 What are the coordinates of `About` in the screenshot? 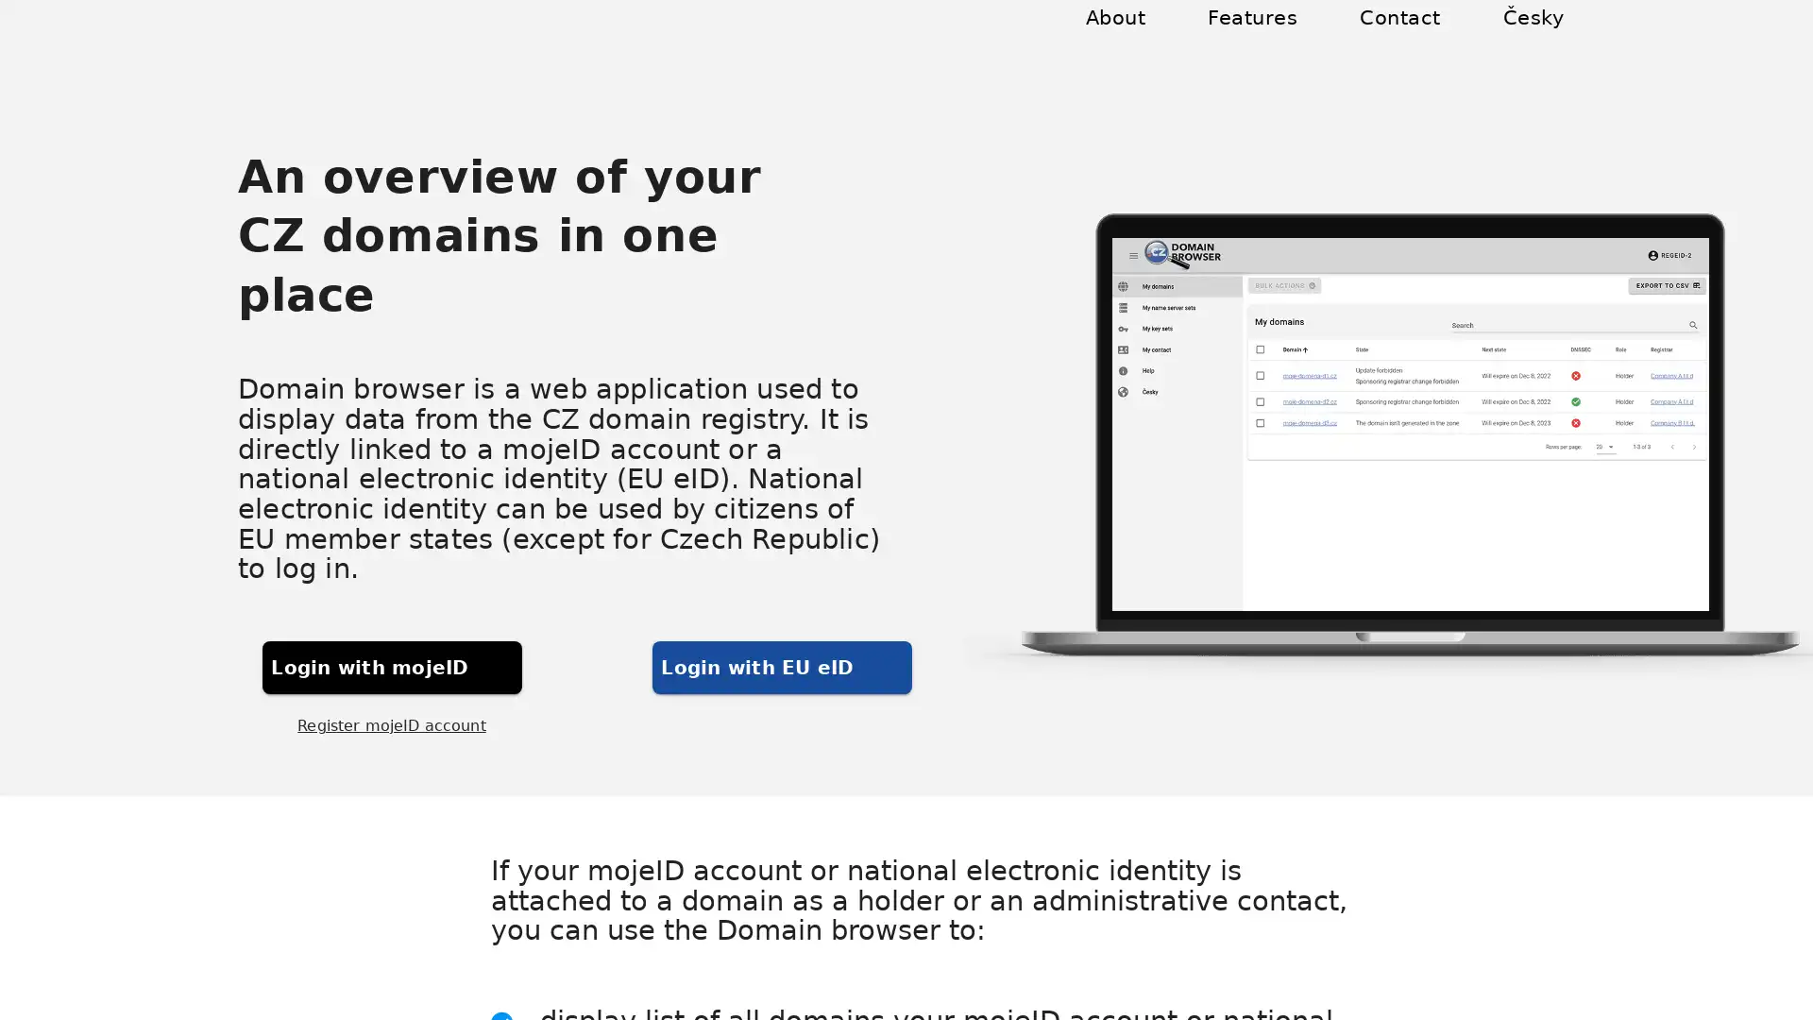 It's located at (1136, 40).